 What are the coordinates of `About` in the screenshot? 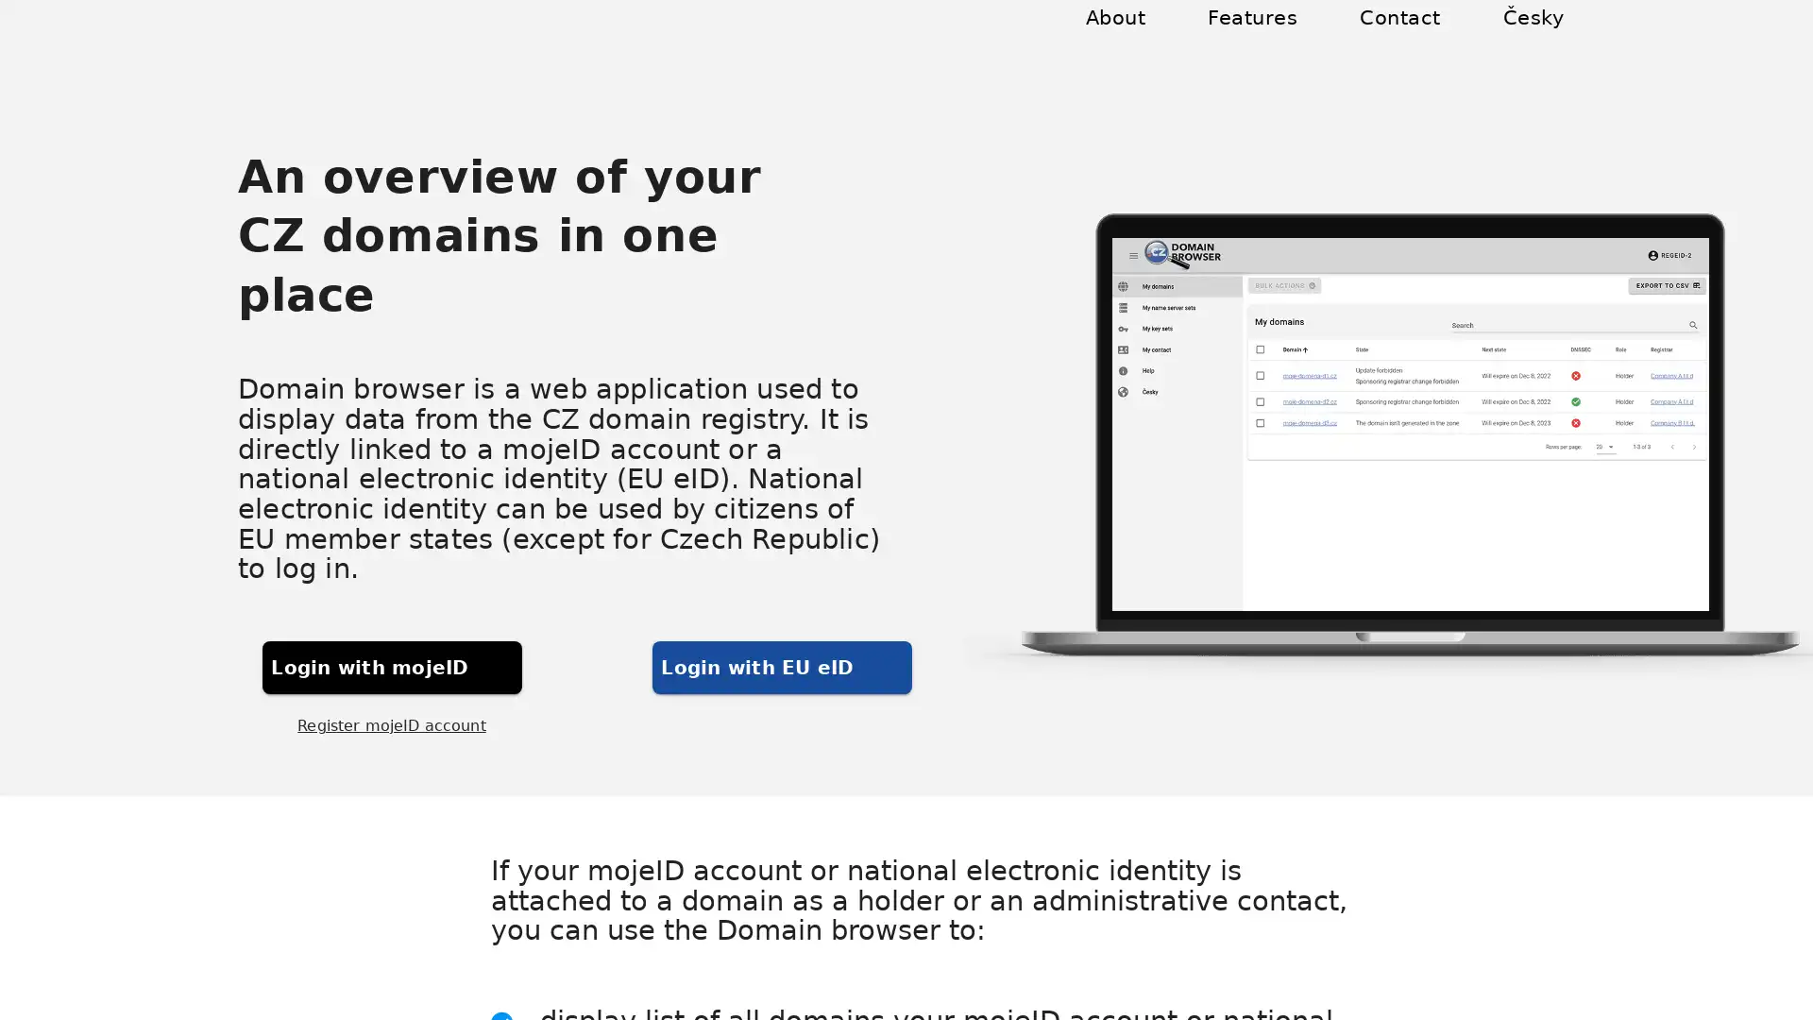 It's located at (1136, 40).